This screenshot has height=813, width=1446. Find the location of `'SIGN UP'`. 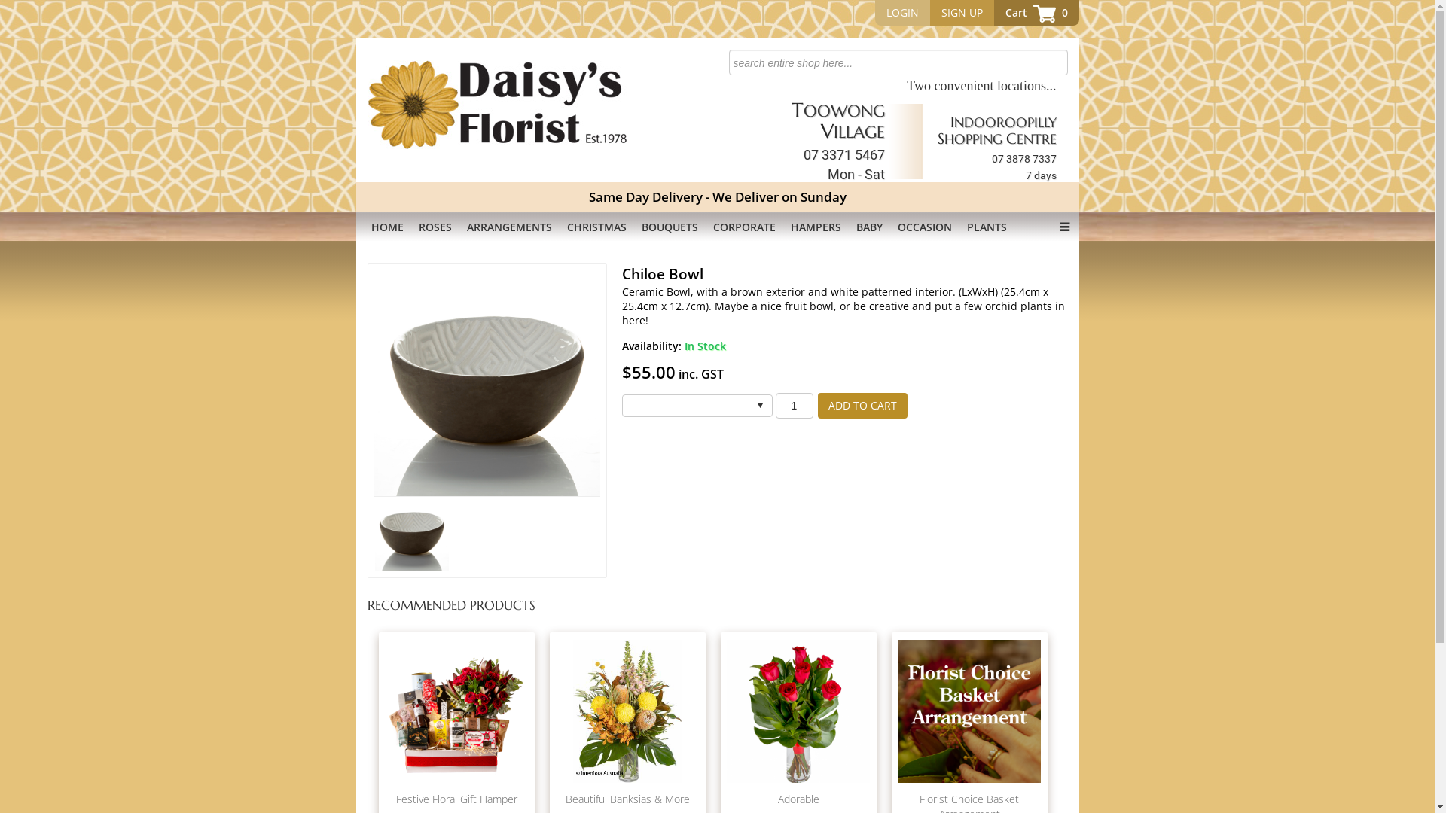

'SIGN UP' is located at coordinates (960, 12).